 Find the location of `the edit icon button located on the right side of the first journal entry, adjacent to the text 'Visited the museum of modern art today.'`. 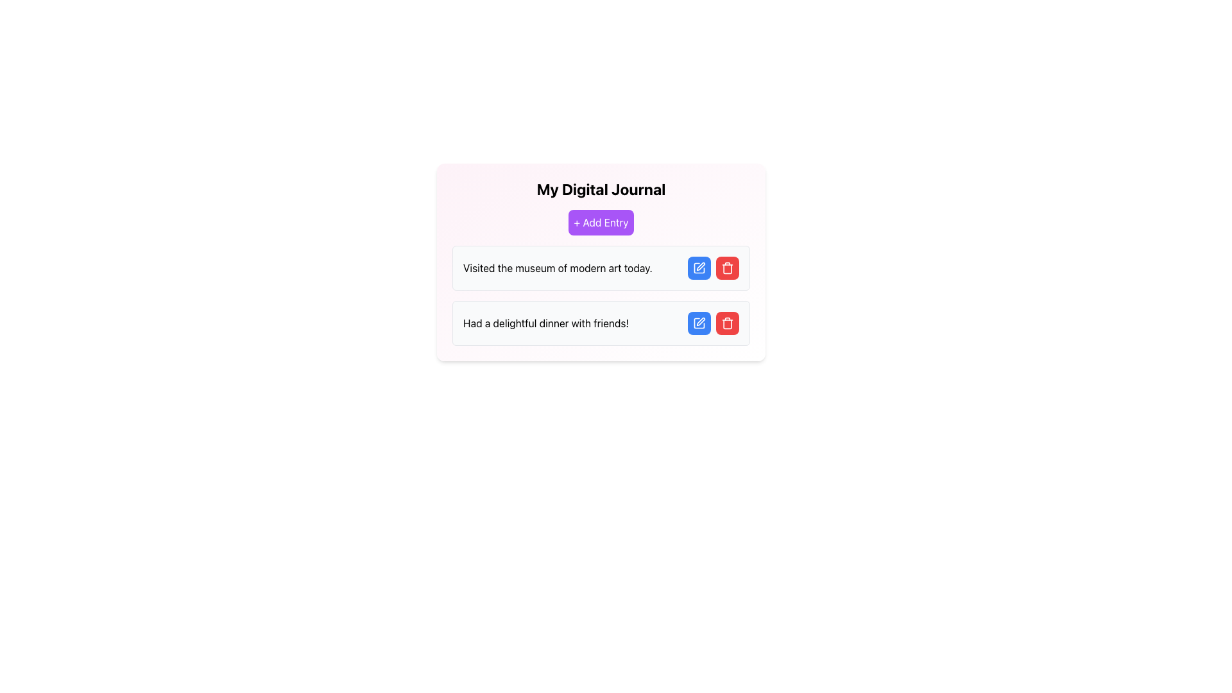

the edit icon button located on the right side of the first journal entry, adjacent to the text 'Visited the museum of modern art today.' is located at coordinates (698, 267).